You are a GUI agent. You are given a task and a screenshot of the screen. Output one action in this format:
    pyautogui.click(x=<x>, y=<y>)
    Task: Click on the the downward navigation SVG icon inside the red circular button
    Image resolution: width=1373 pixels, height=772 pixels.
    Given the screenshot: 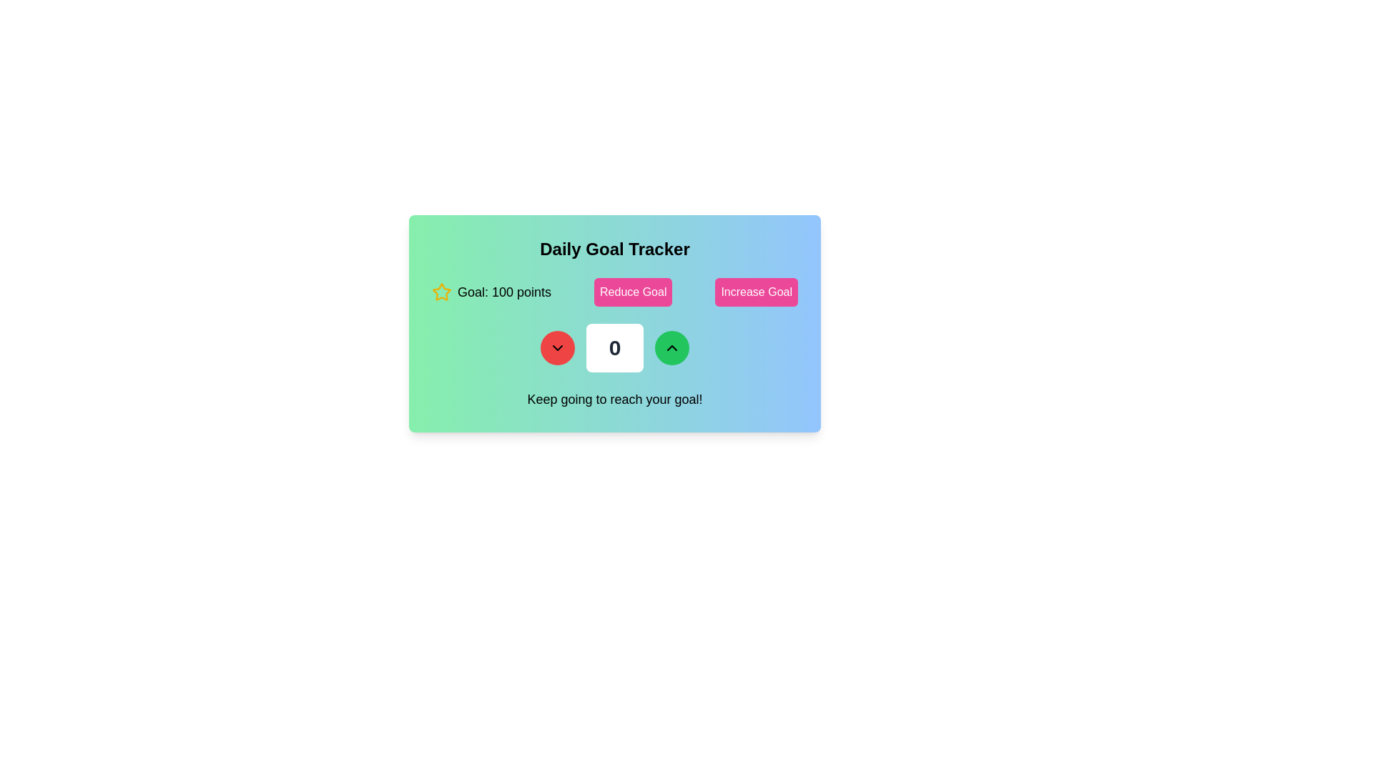 What is the action you would take?
    pyautogui.click(x=556, y=347)
    